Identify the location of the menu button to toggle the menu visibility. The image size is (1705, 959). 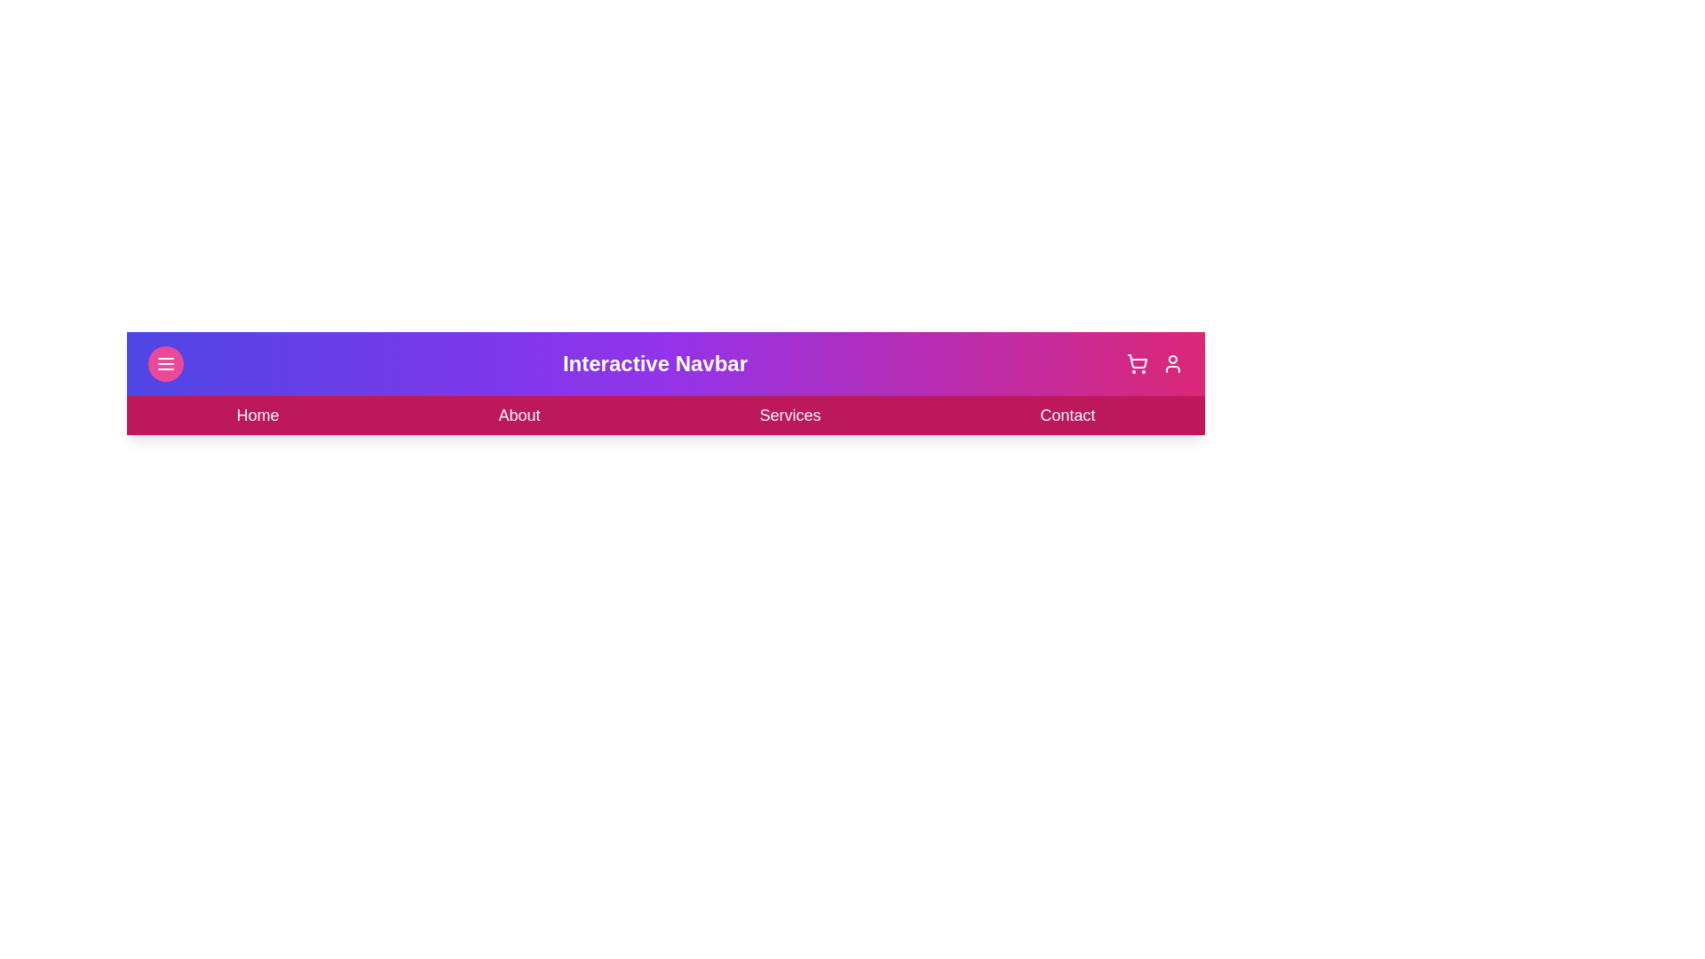
(166, 362).